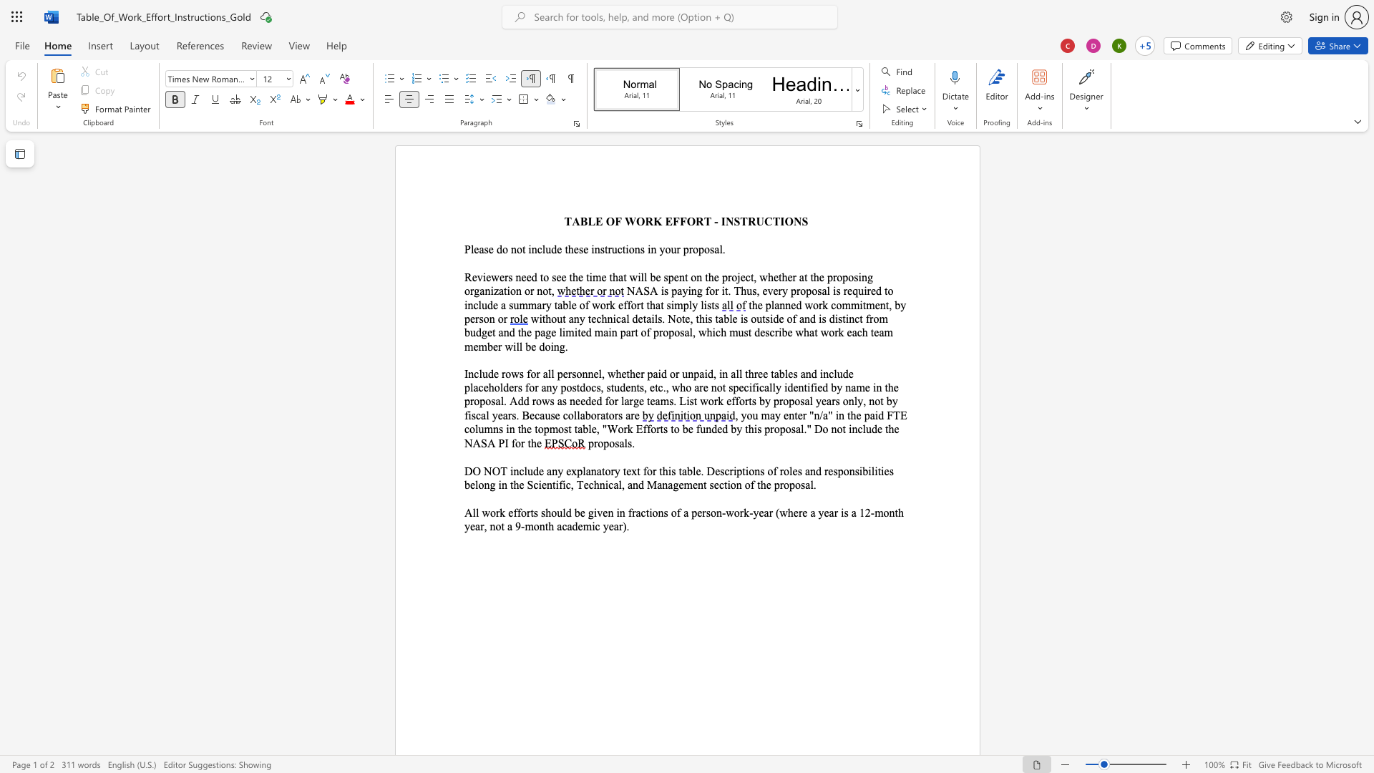  I want to click on the space between the continuous character "p" and "e" in the text, so click(469, 318).